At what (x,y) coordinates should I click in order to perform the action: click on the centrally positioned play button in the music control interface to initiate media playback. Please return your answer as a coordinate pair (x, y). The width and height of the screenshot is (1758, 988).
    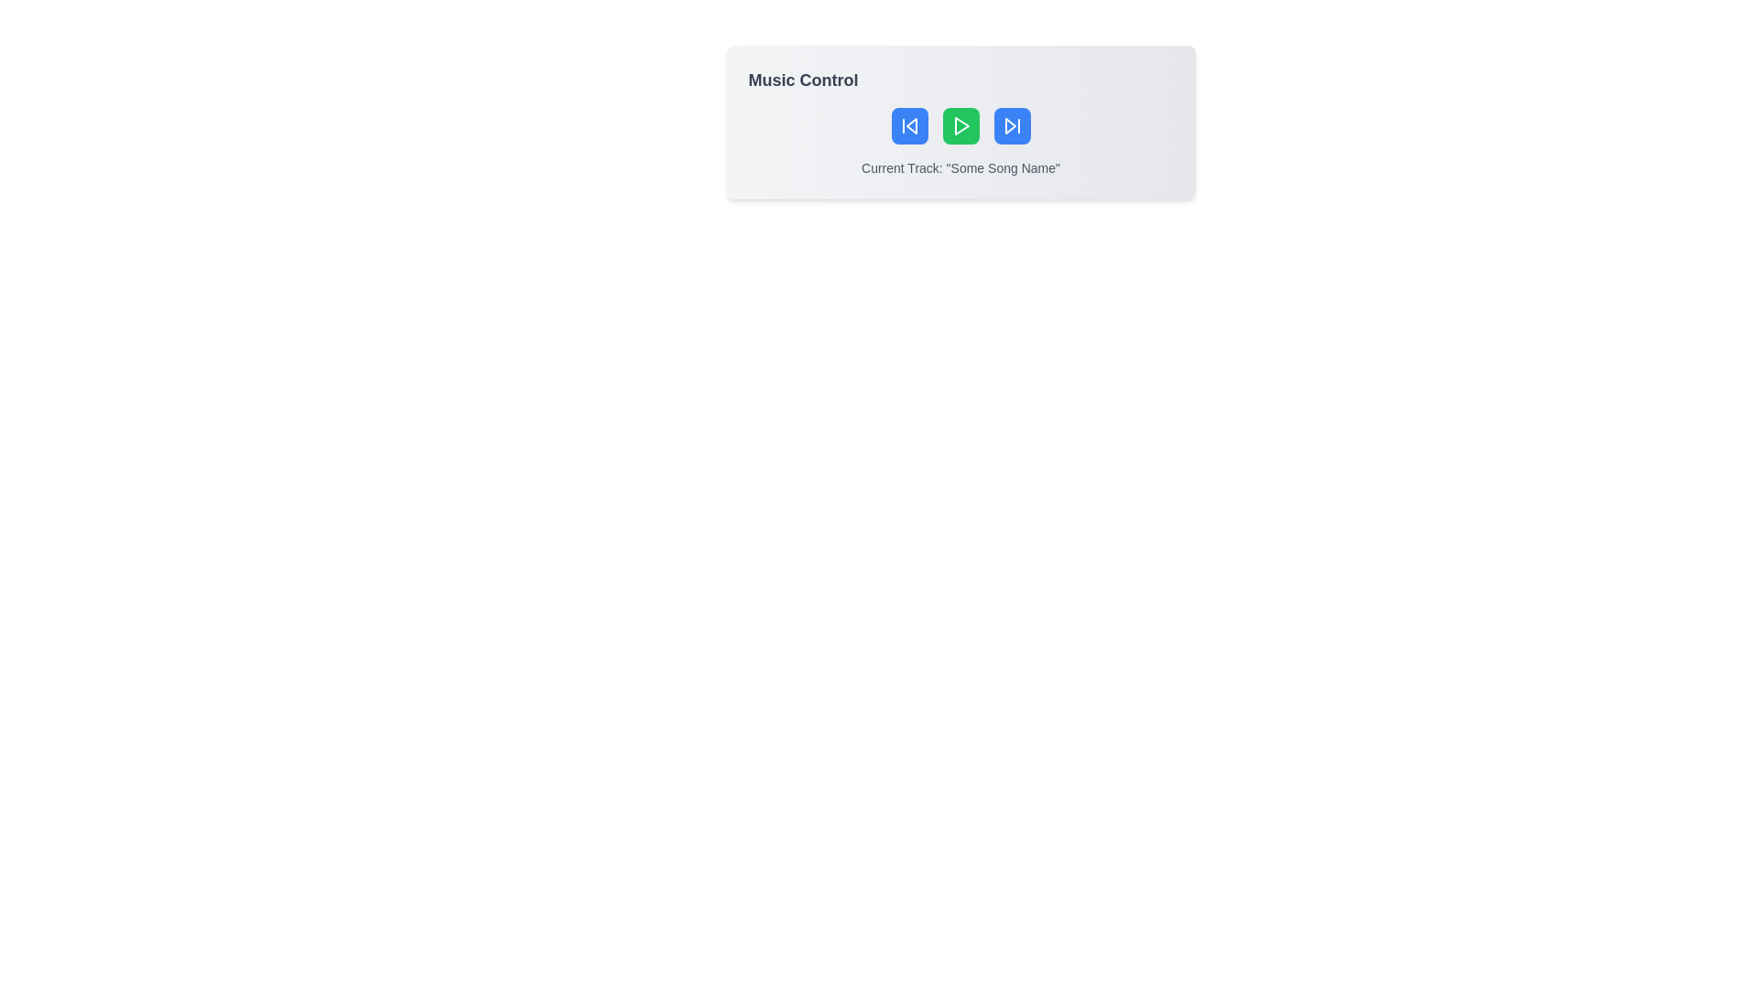
    Looking at the image, I should click on (960, 125).